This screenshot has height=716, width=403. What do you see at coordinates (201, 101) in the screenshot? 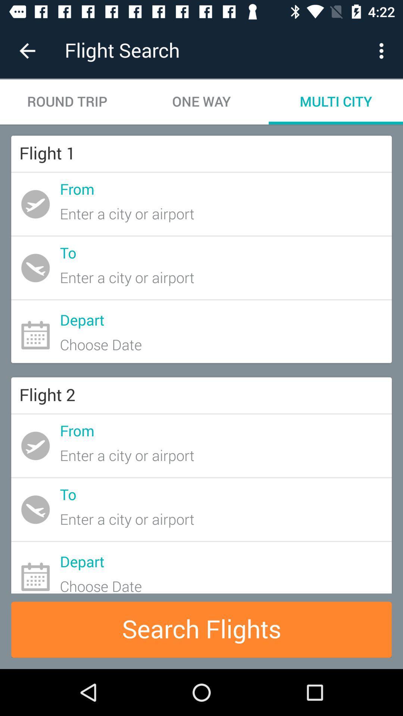
I see `icon next to the round trip item` at bounding box center [201, 101].